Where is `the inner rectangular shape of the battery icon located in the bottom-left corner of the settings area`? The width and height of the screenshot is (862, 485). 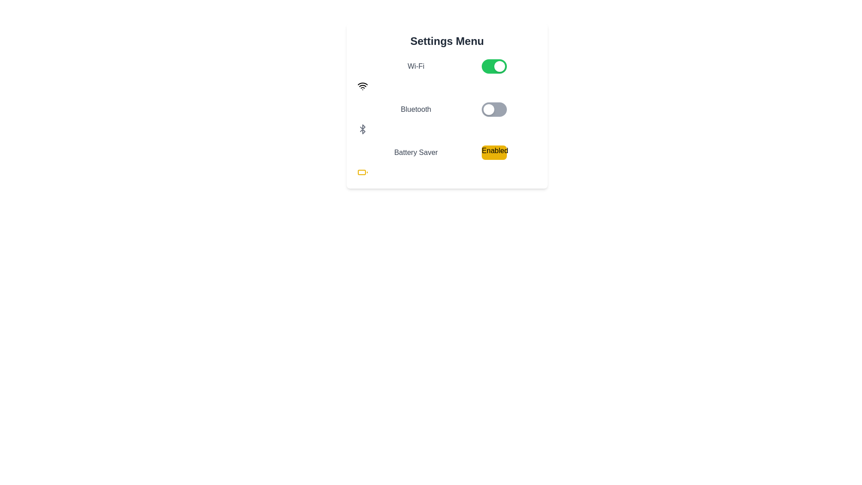
the inner rectangular shape of the battery icon located in the bottom-left corner of the settings area is located at coordinates (362, 172).